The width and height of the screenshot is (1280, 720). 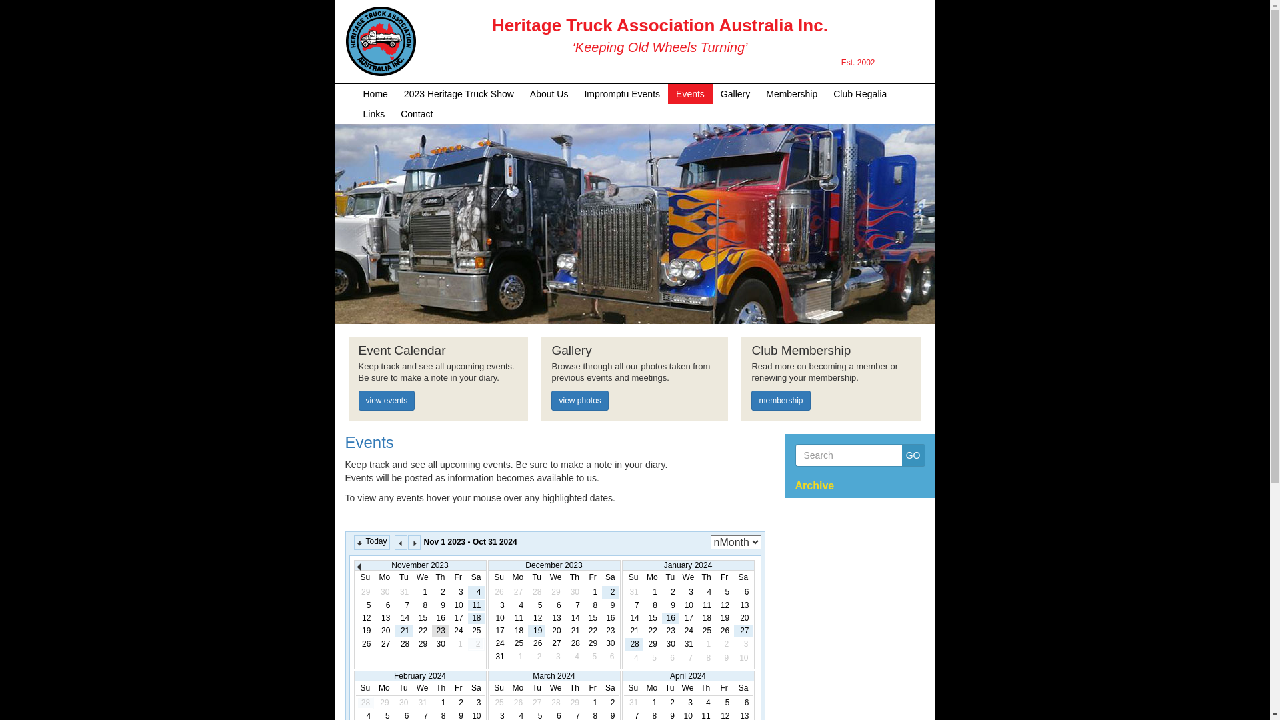 I want to click on '1', so click(x=652, y=591).